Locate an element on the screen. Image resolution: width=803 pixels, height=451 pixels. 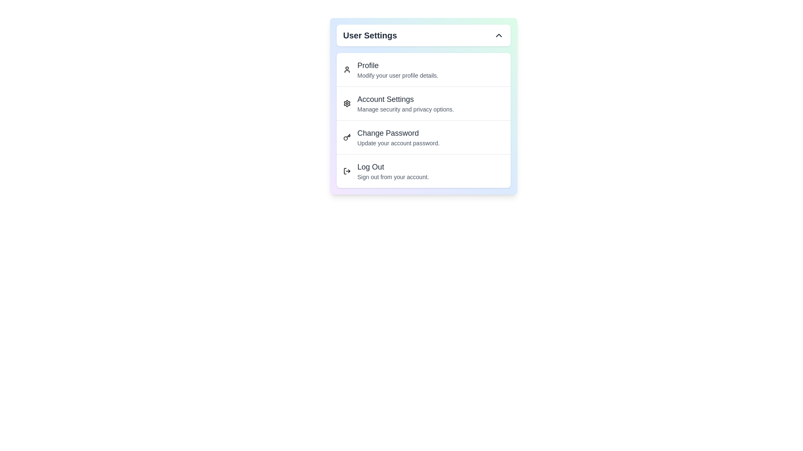
'User Settings' button to toggle the menu visibility is located at coordinates (423, 35).